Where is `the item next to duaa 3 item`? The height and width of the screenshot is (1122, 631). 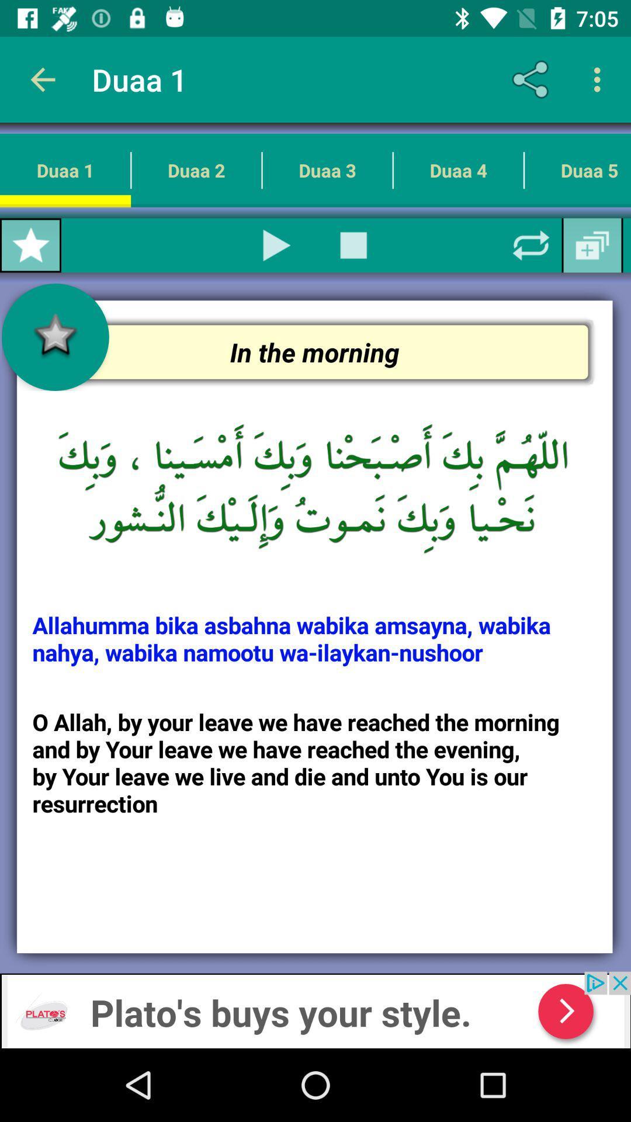 the item next to duaa 3 item is located at coordinates (457, 169).